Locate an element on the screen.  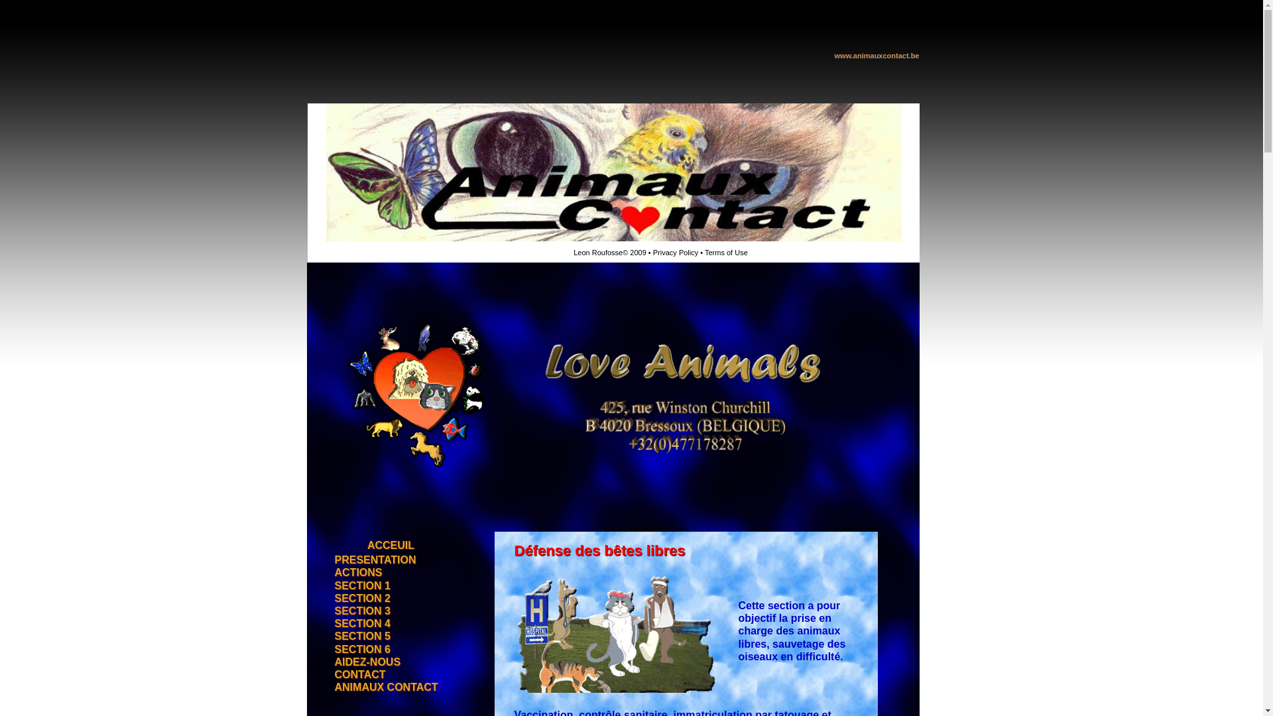
'AIDEZ-NOUS' is located at coordinates (367, 662).